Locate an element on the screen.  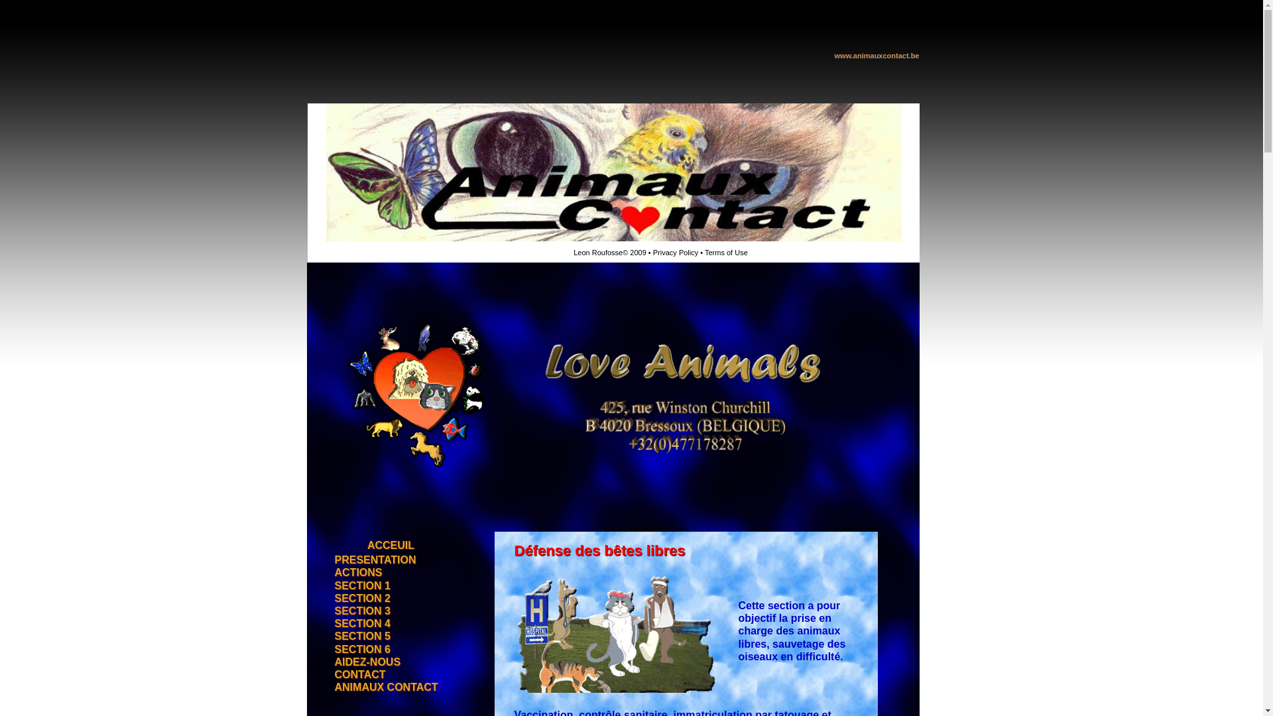
'AIDEZ-NOUS' is located at coordinates (367, 662).